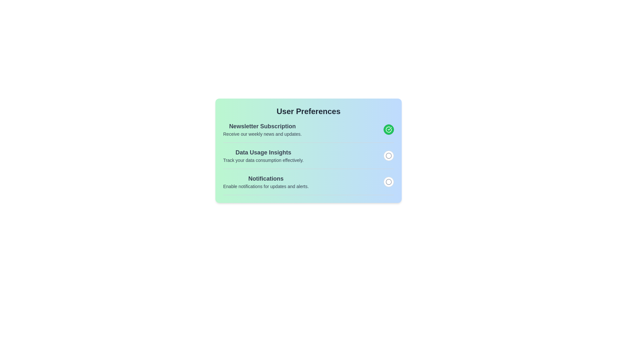 Image resolution: width=621 pixels, height=349 pixels. Describe the element at coordinates (308, 158) in the screenshot. I see `the second section of the Interactive List within the 'User Preferences' card` at that location.